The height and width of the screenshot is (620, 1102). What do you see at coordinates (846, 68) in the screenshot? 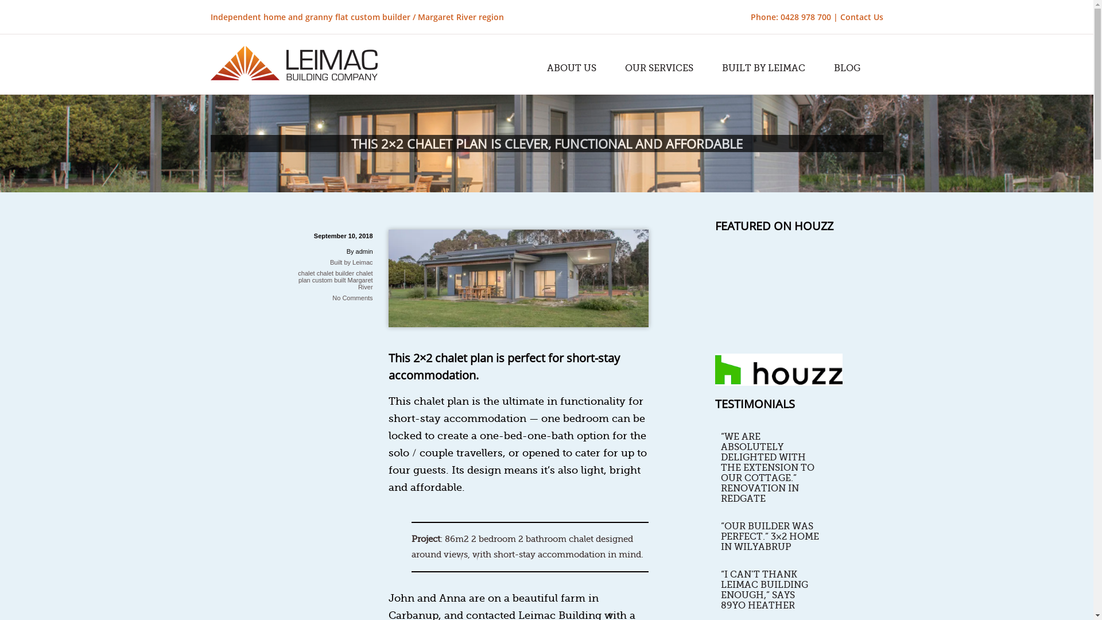
I see `'BLOG'` at bounding box center [846, 68].